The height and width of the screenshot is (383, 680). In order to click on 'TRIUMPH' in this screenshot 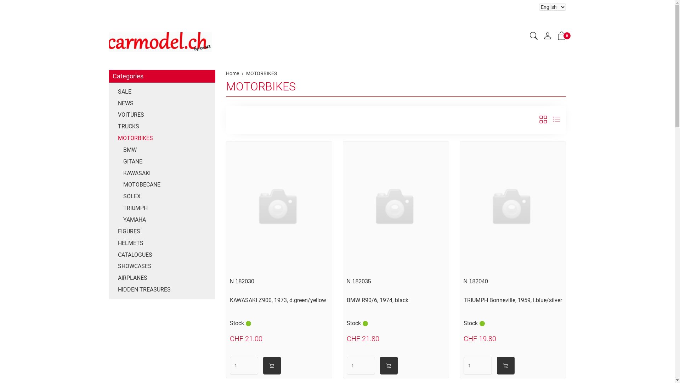, I will do `click(161, 208)`.